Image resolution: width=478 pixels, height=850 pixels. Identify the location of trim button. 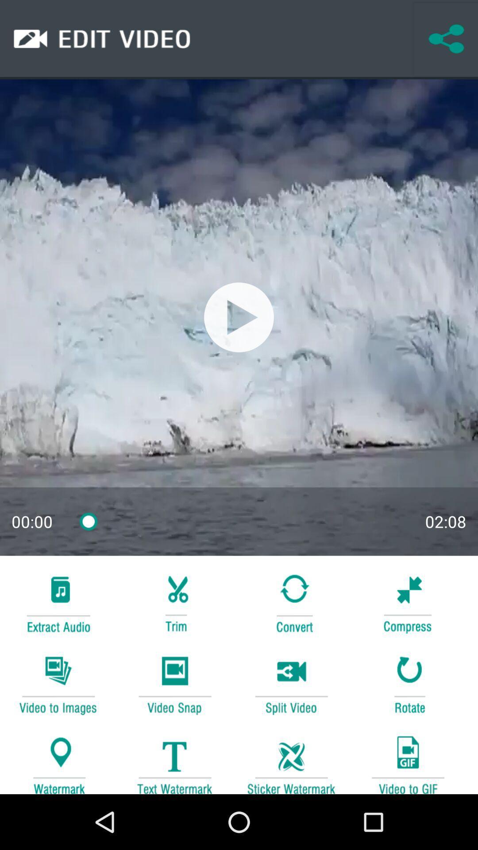
(174, 602).